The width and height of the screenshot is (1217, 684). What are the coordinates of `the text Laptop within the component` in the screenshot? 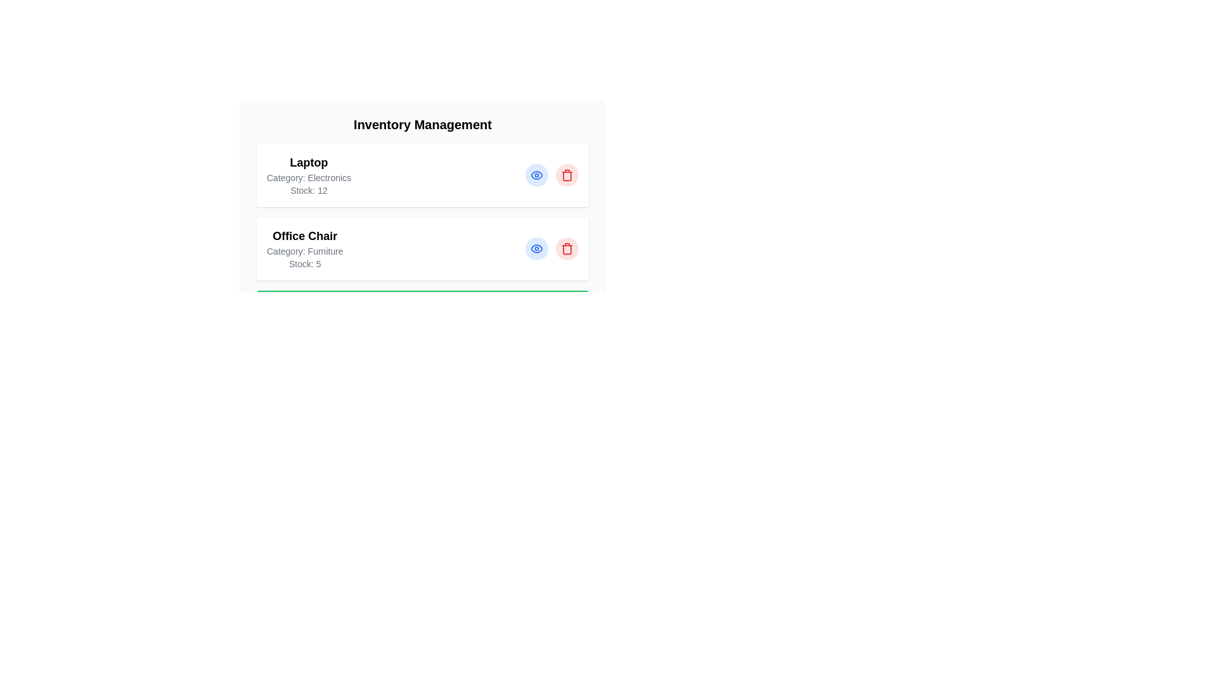 It's located at (309, 162).